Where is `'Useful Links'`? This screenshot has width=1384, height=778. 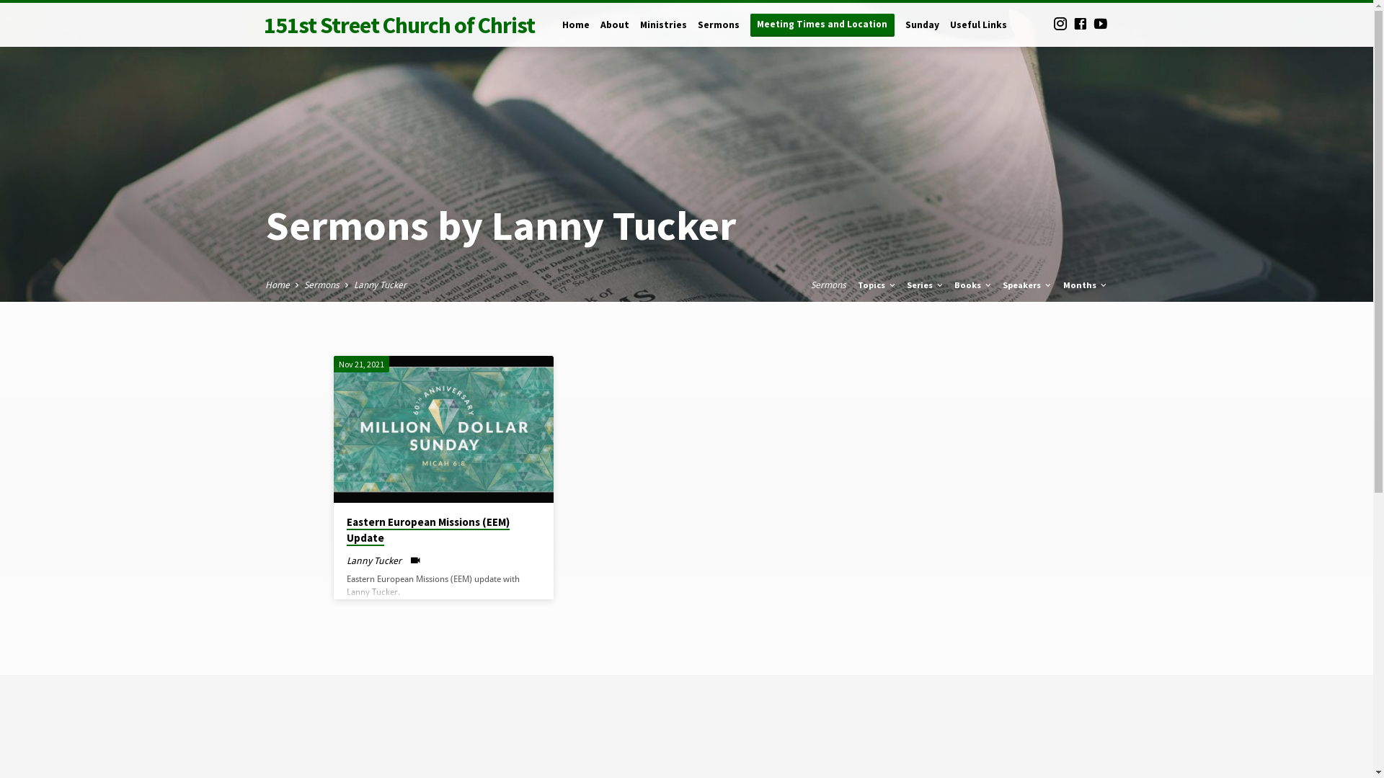 'Useful Links' is located at coordinates (950, 33).